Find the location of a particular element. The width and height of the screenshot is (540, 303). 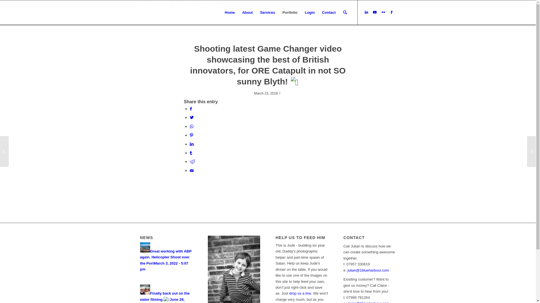

'Youtube' is located at coordinates (371, 12).